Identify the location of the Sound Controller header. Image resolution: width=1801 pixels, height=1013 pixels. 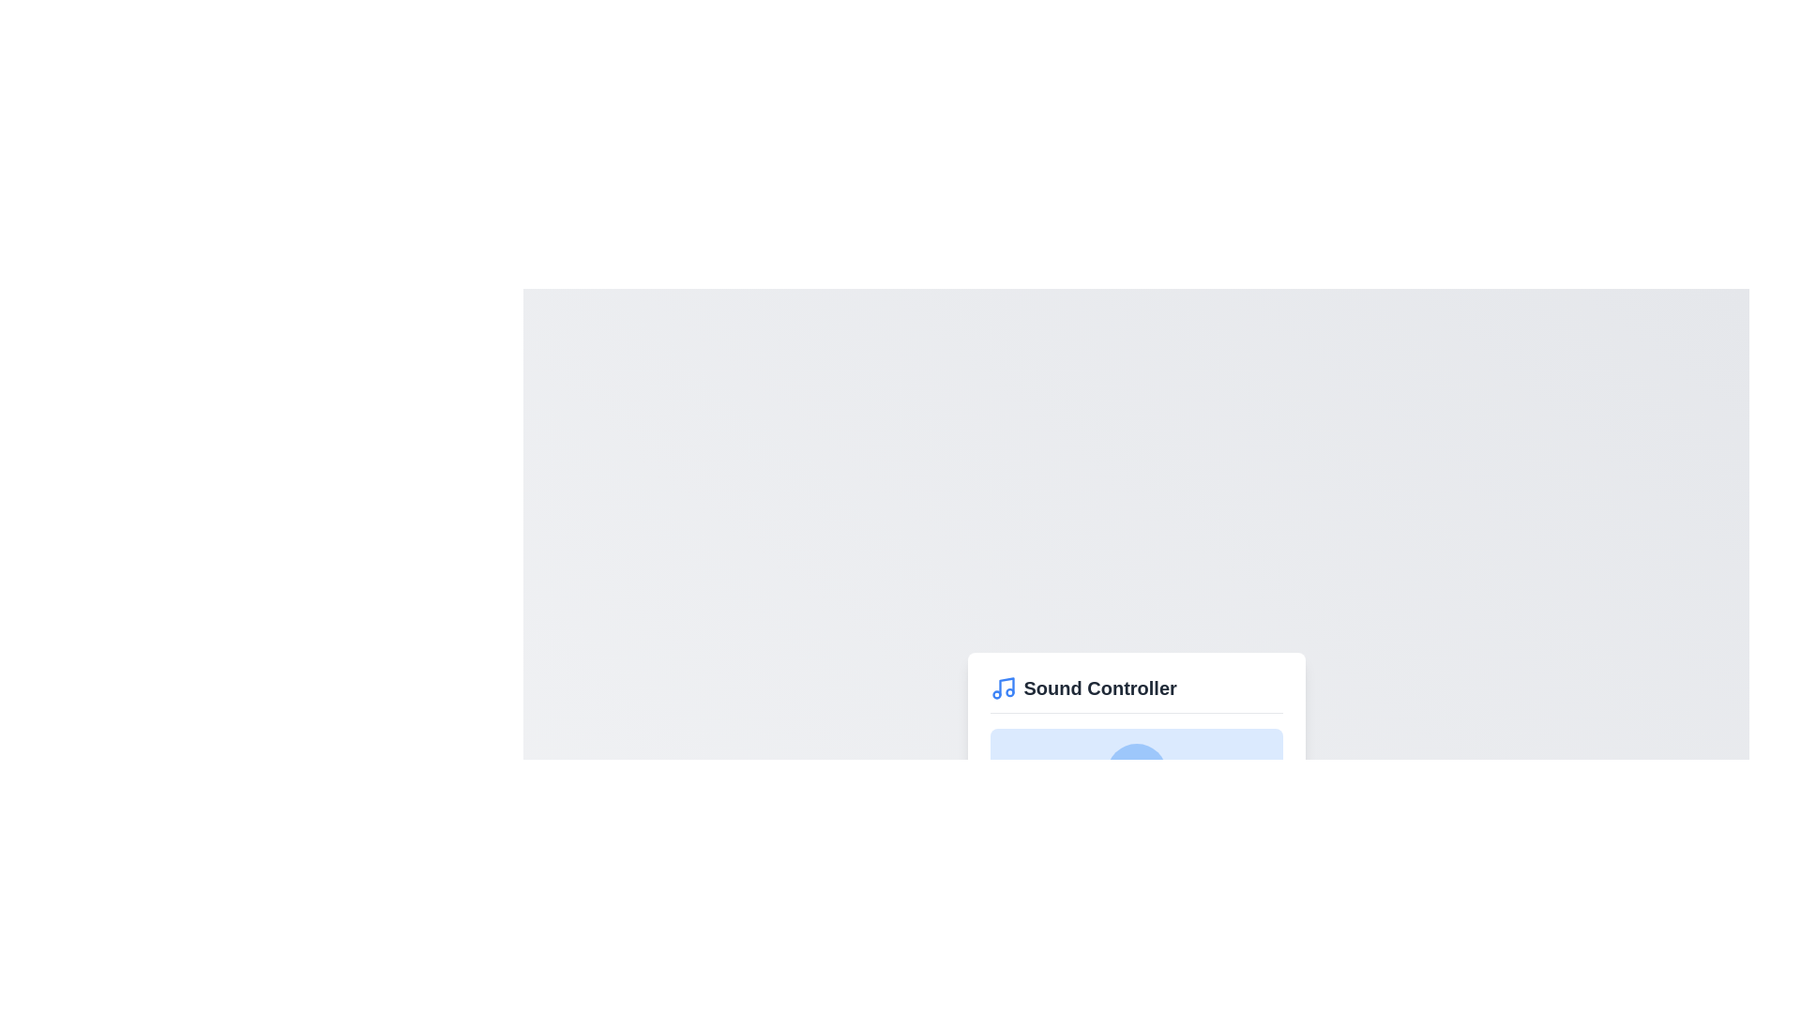
(1135, 694).